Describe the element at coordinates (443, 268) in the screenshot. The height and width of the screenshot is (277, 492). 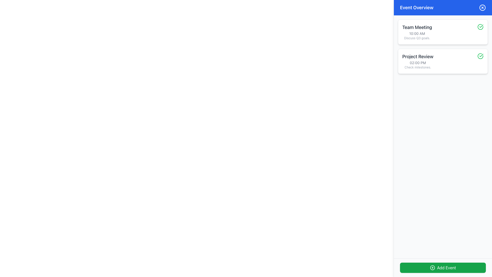
I see `the 'Add Event' button, which is a green rectangular button with rounded corners located at the bottom right corner of the interface, to receive potential visual feedback` at that location.